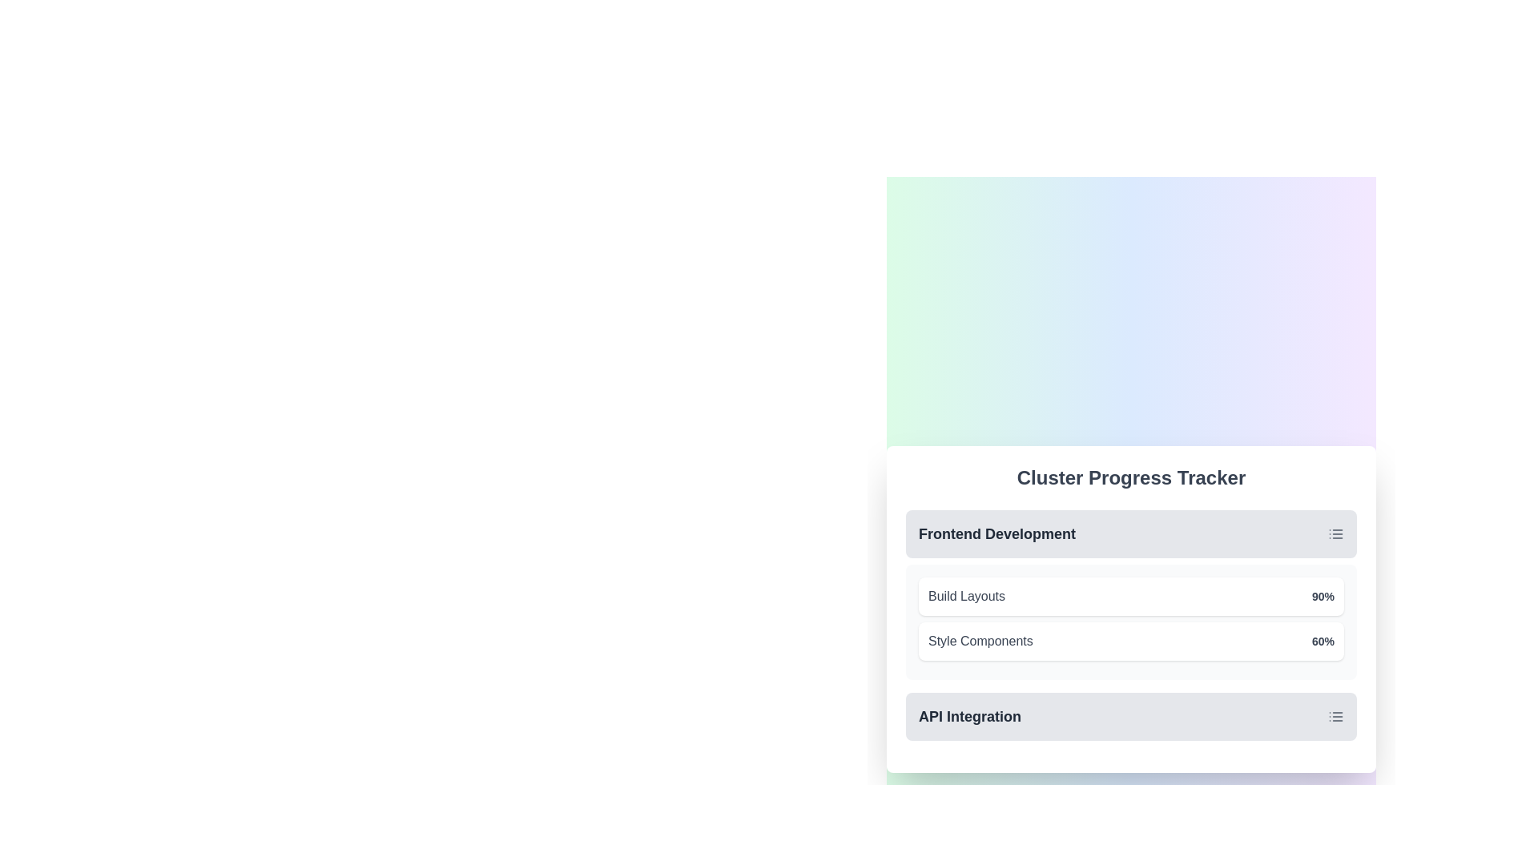 The image size is (1538, 865). What do you see at coordinates (996, 534) in the screenshot?
I see `the Text Label displaying 'Frontend Development', which is styled in bold dark gray and centrally positioned within its light gray rounded rectangular background` at bounding box center [996, 534].